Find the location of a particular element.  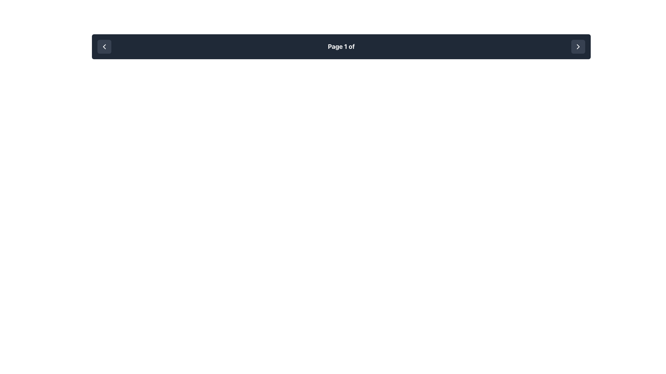

the text label 'Page 1 of' located in the dark gray navigation bar, which is horizontally centered between left and right arrow buttons is located at coordinates (341, 47).